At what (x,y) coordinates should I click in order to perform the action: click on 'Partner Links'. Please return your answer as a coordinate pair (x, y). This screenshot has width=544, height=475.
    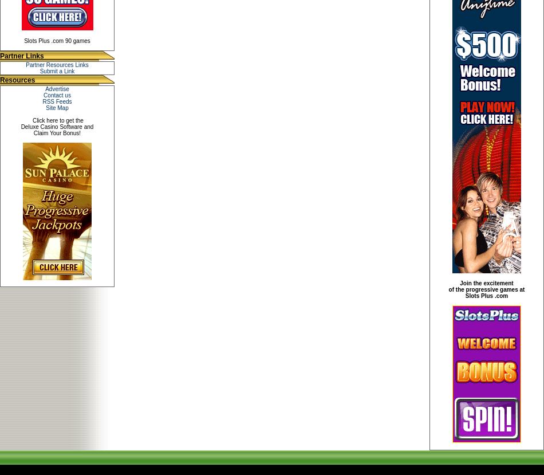
    Looking at the image, I should click on (0, 56).